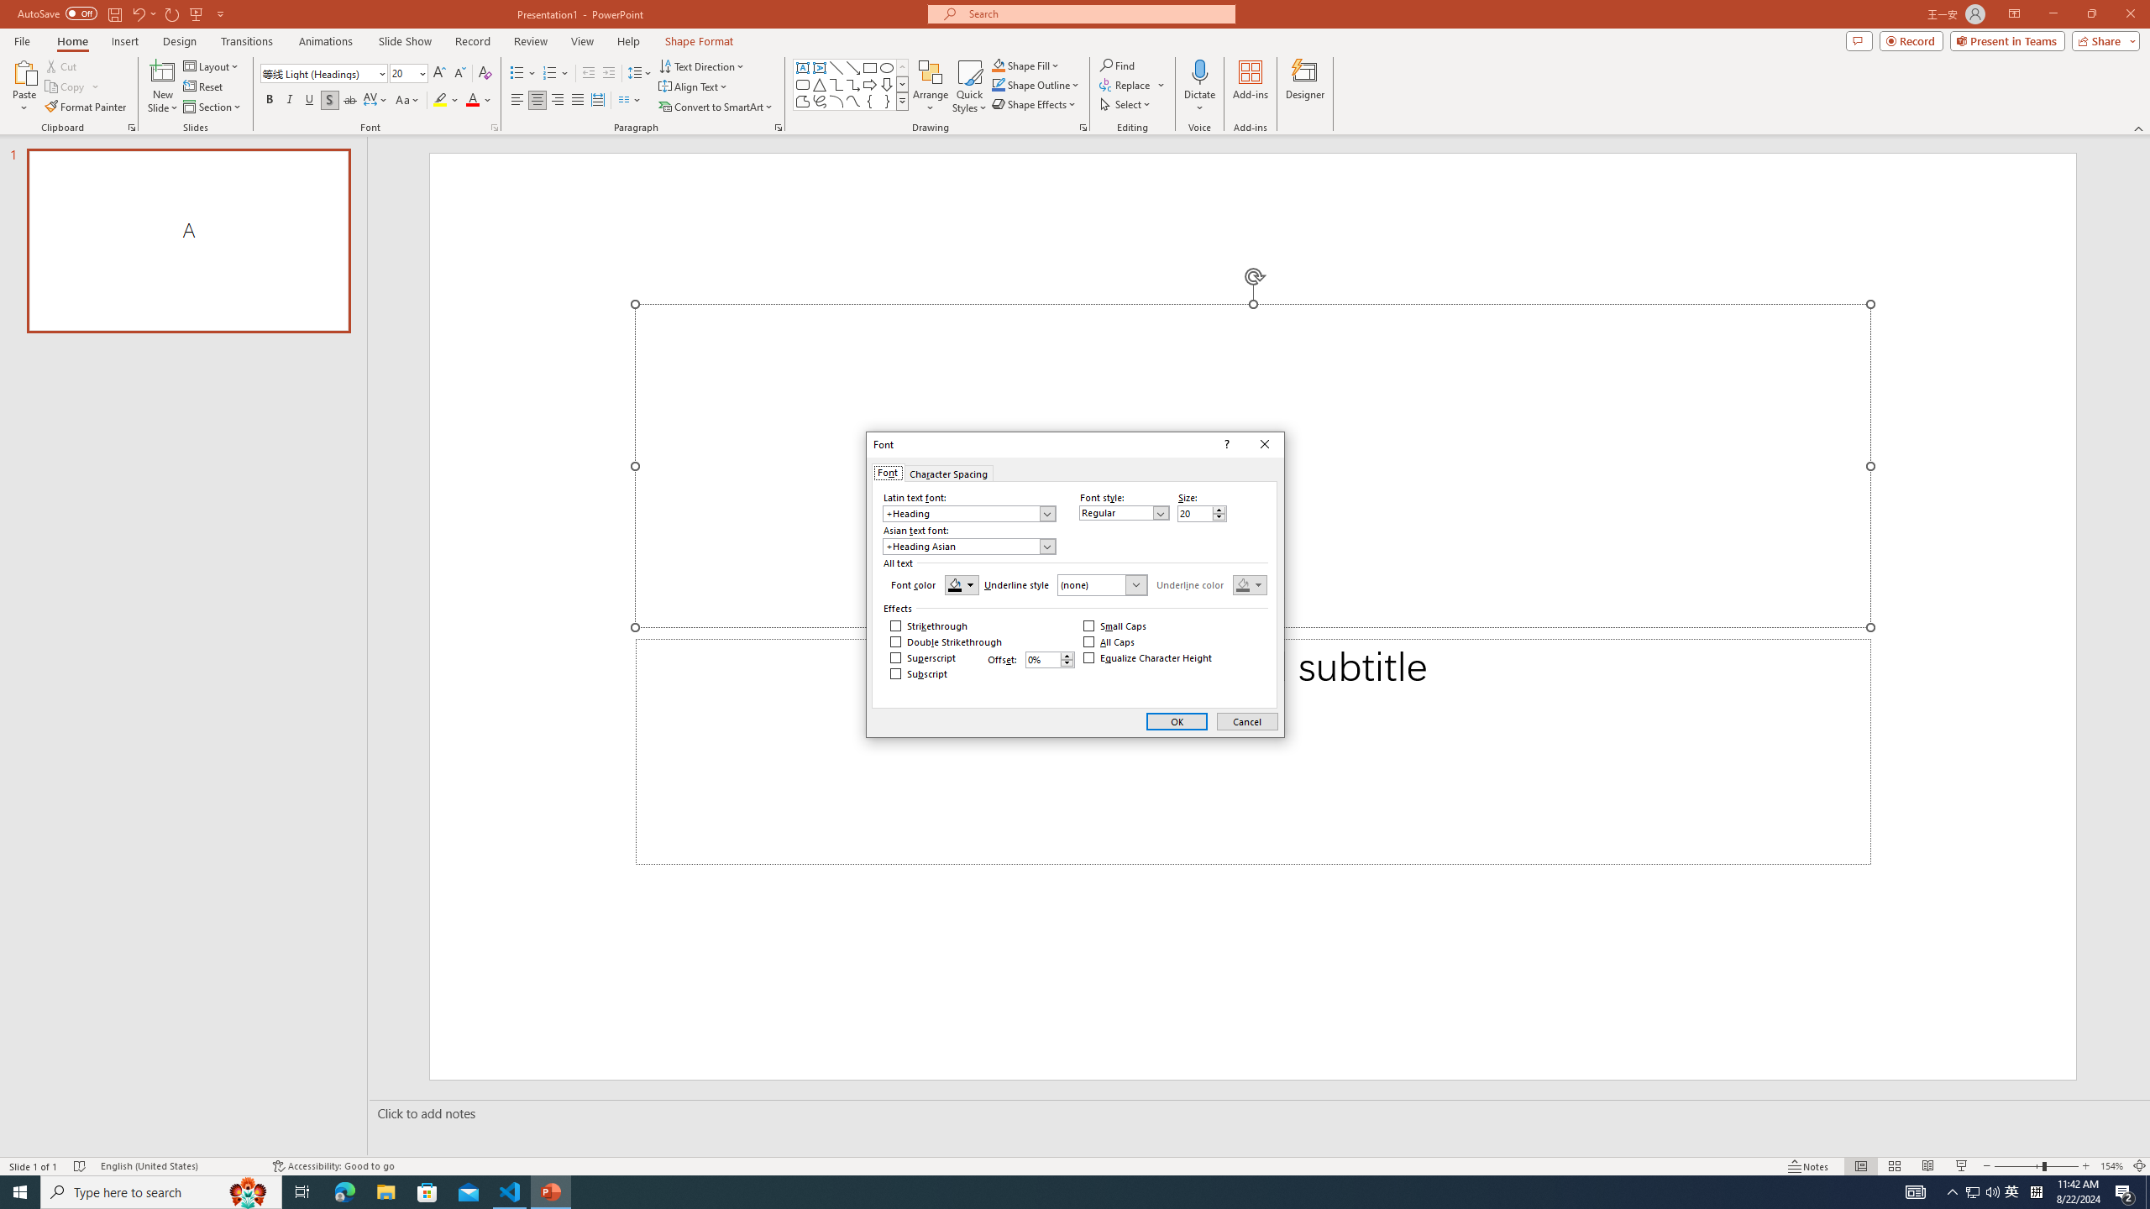 The image size is (2150, 1209). I want to click on 'Cut', so click(61, 65).